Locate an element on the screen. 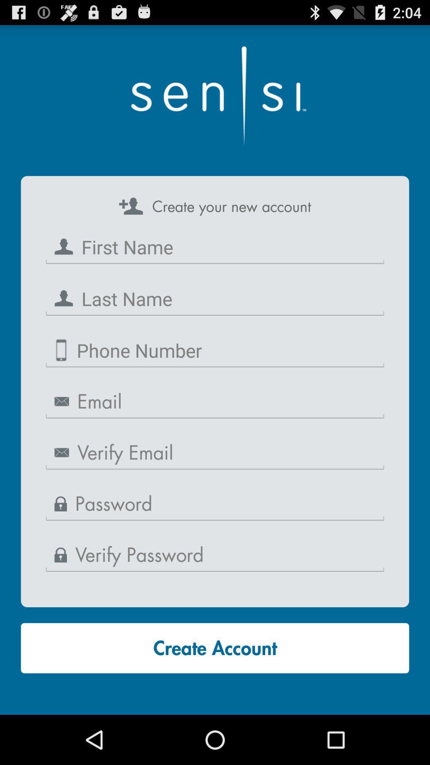  last name input is located at coordinates (215, 298).